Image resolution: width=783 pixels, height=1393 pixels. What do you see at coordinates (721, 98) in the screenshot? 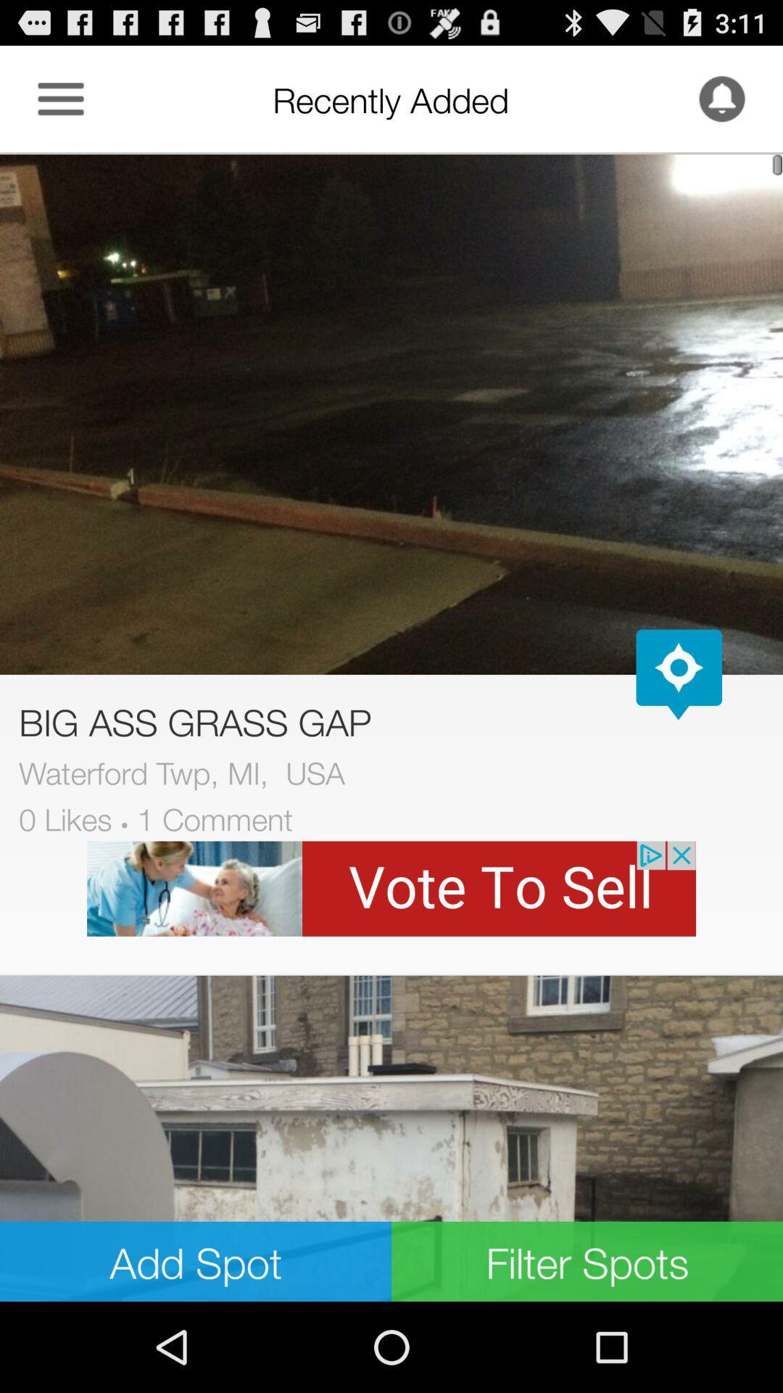
I see `bell button or notification button` at bounding box center [721, 98].